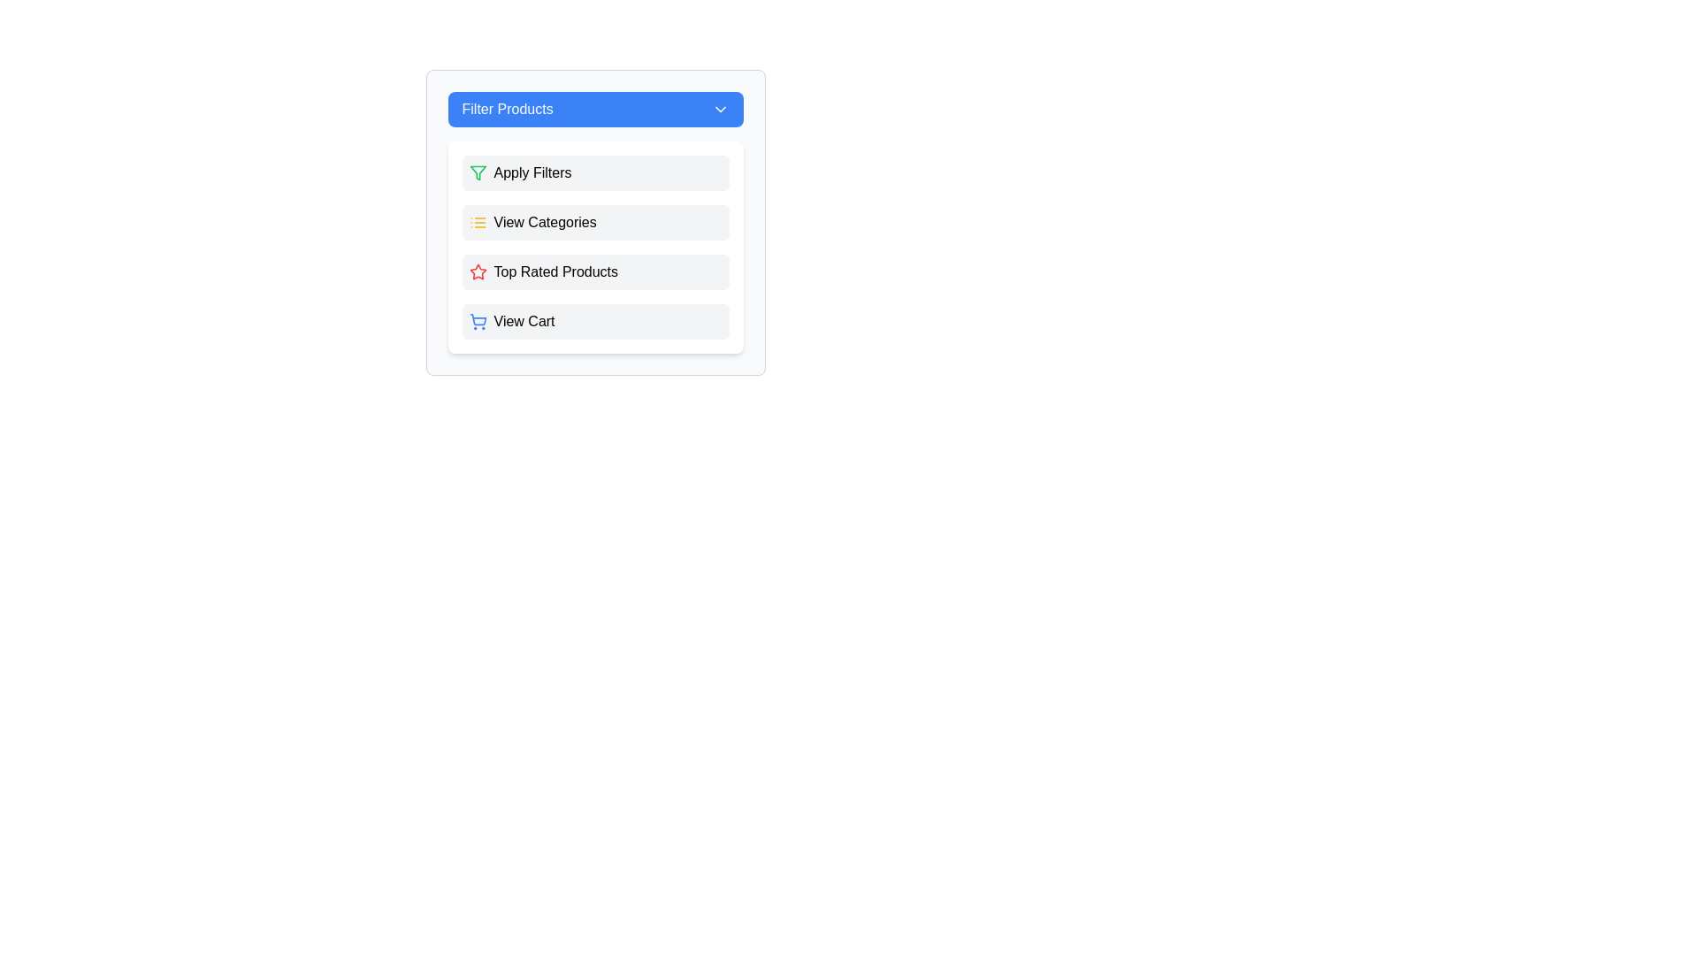 The width and height of the screenshot is (1698, 955). What do you see at coordinates (595, 221) in the screenshot?
I see `the second button in the dropdown menu that navigates to a list of categories` at bounding box center [595, 221].